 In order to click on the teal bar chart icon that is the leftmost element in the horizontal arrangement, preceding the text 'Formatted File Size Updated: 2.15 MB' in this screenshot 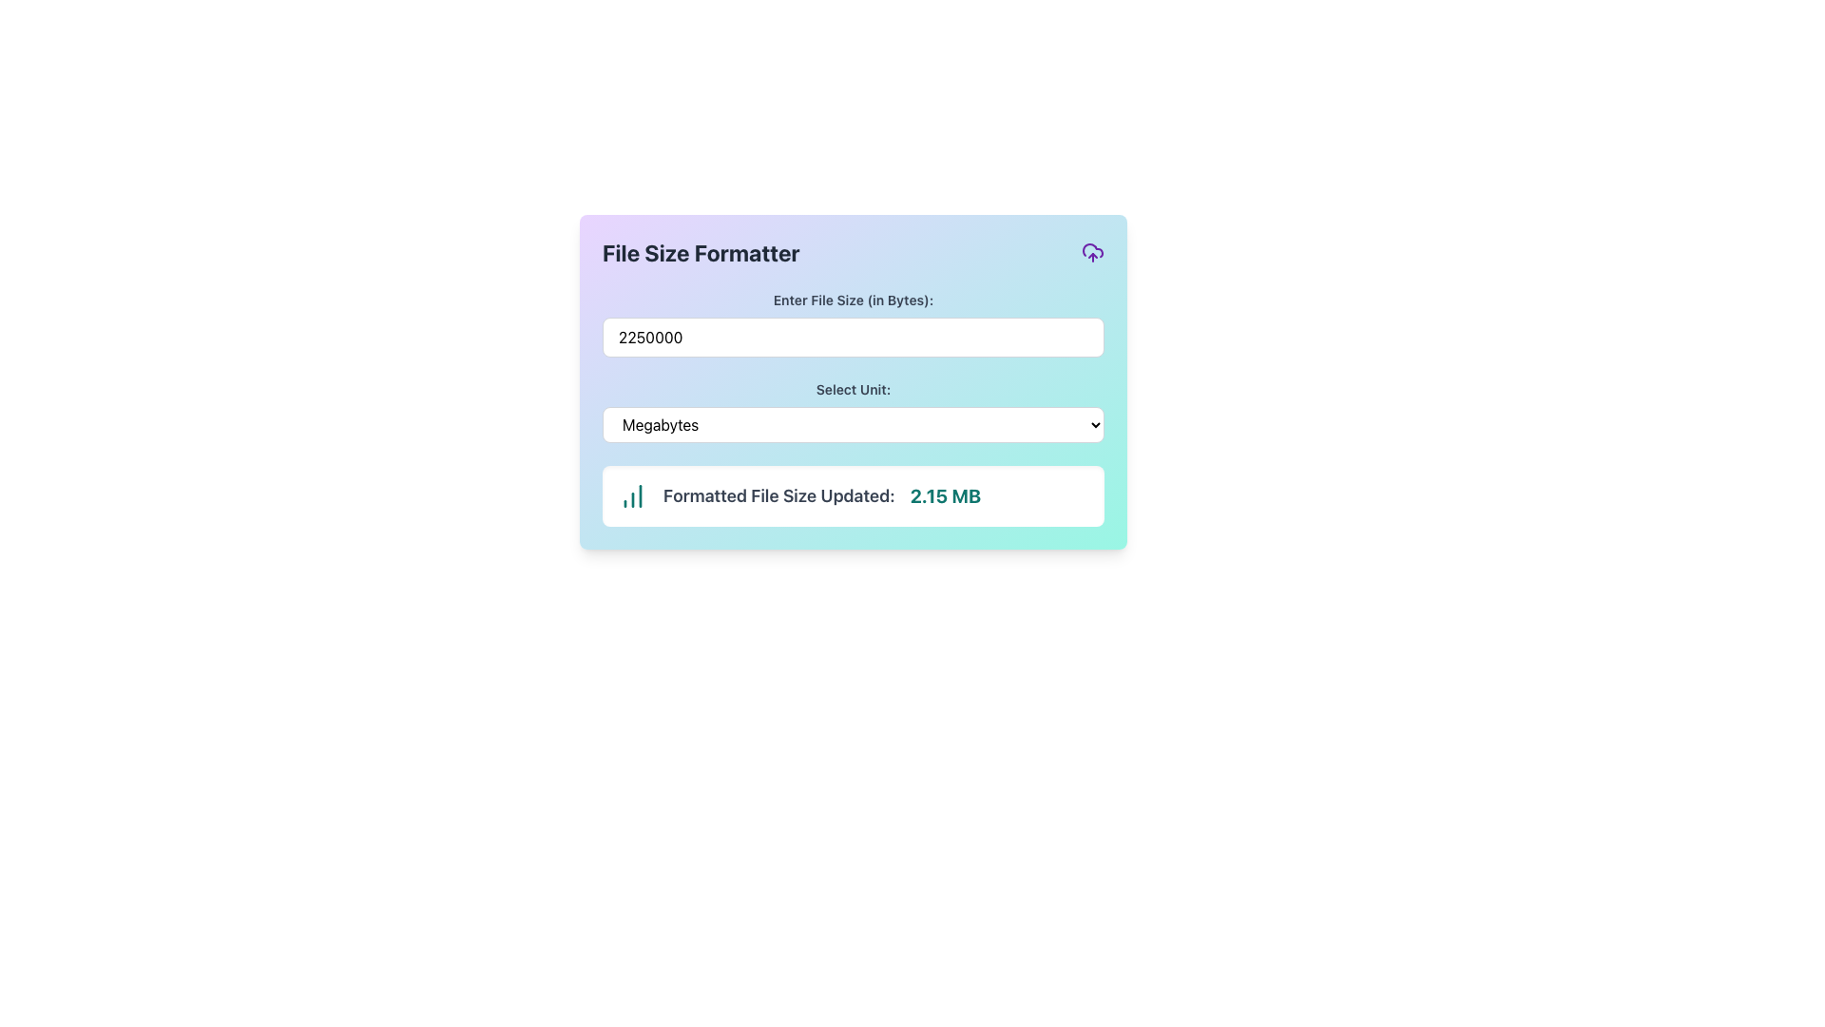, I will do `click(633, 494)`.